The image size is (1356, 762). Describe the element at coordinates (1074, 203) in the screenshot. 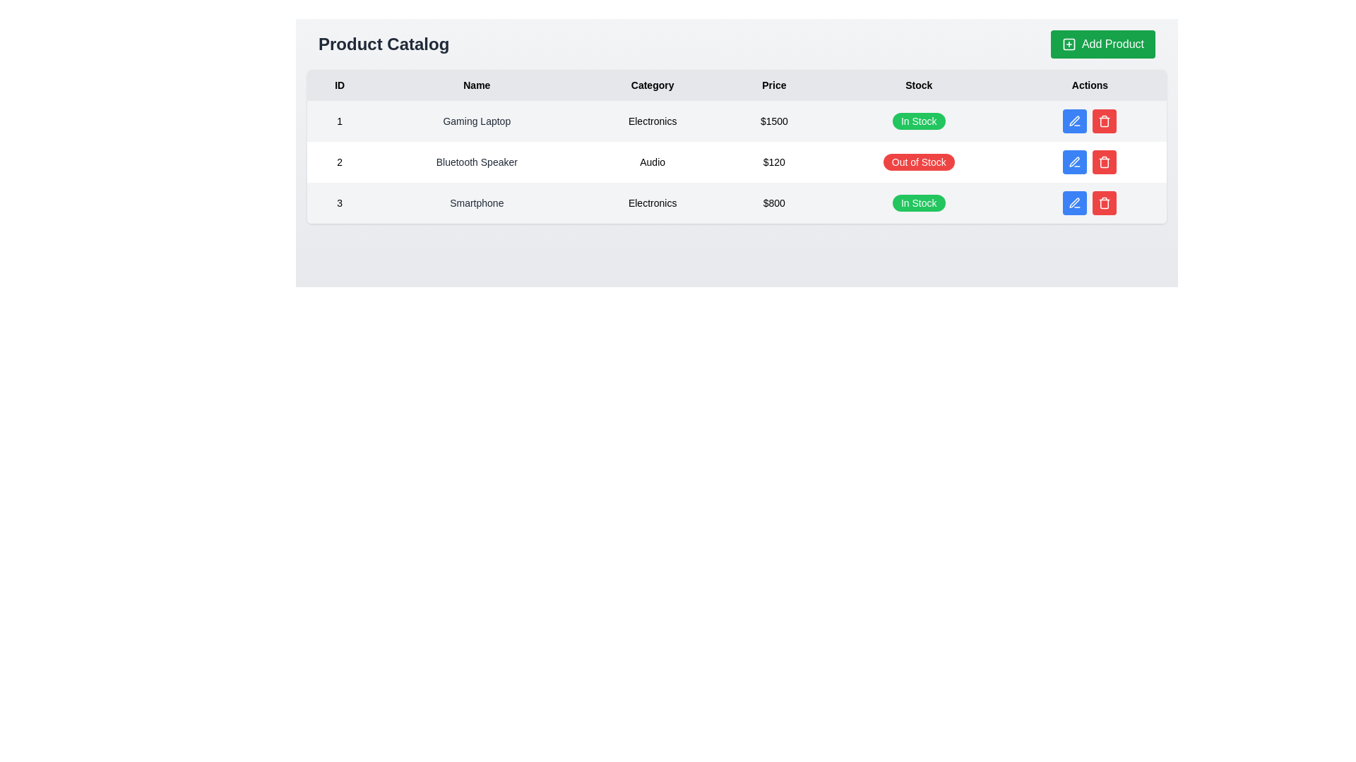

I see `the pen icon located inside the blue button in the third row of the 'Actions' column of the product table` at that location.